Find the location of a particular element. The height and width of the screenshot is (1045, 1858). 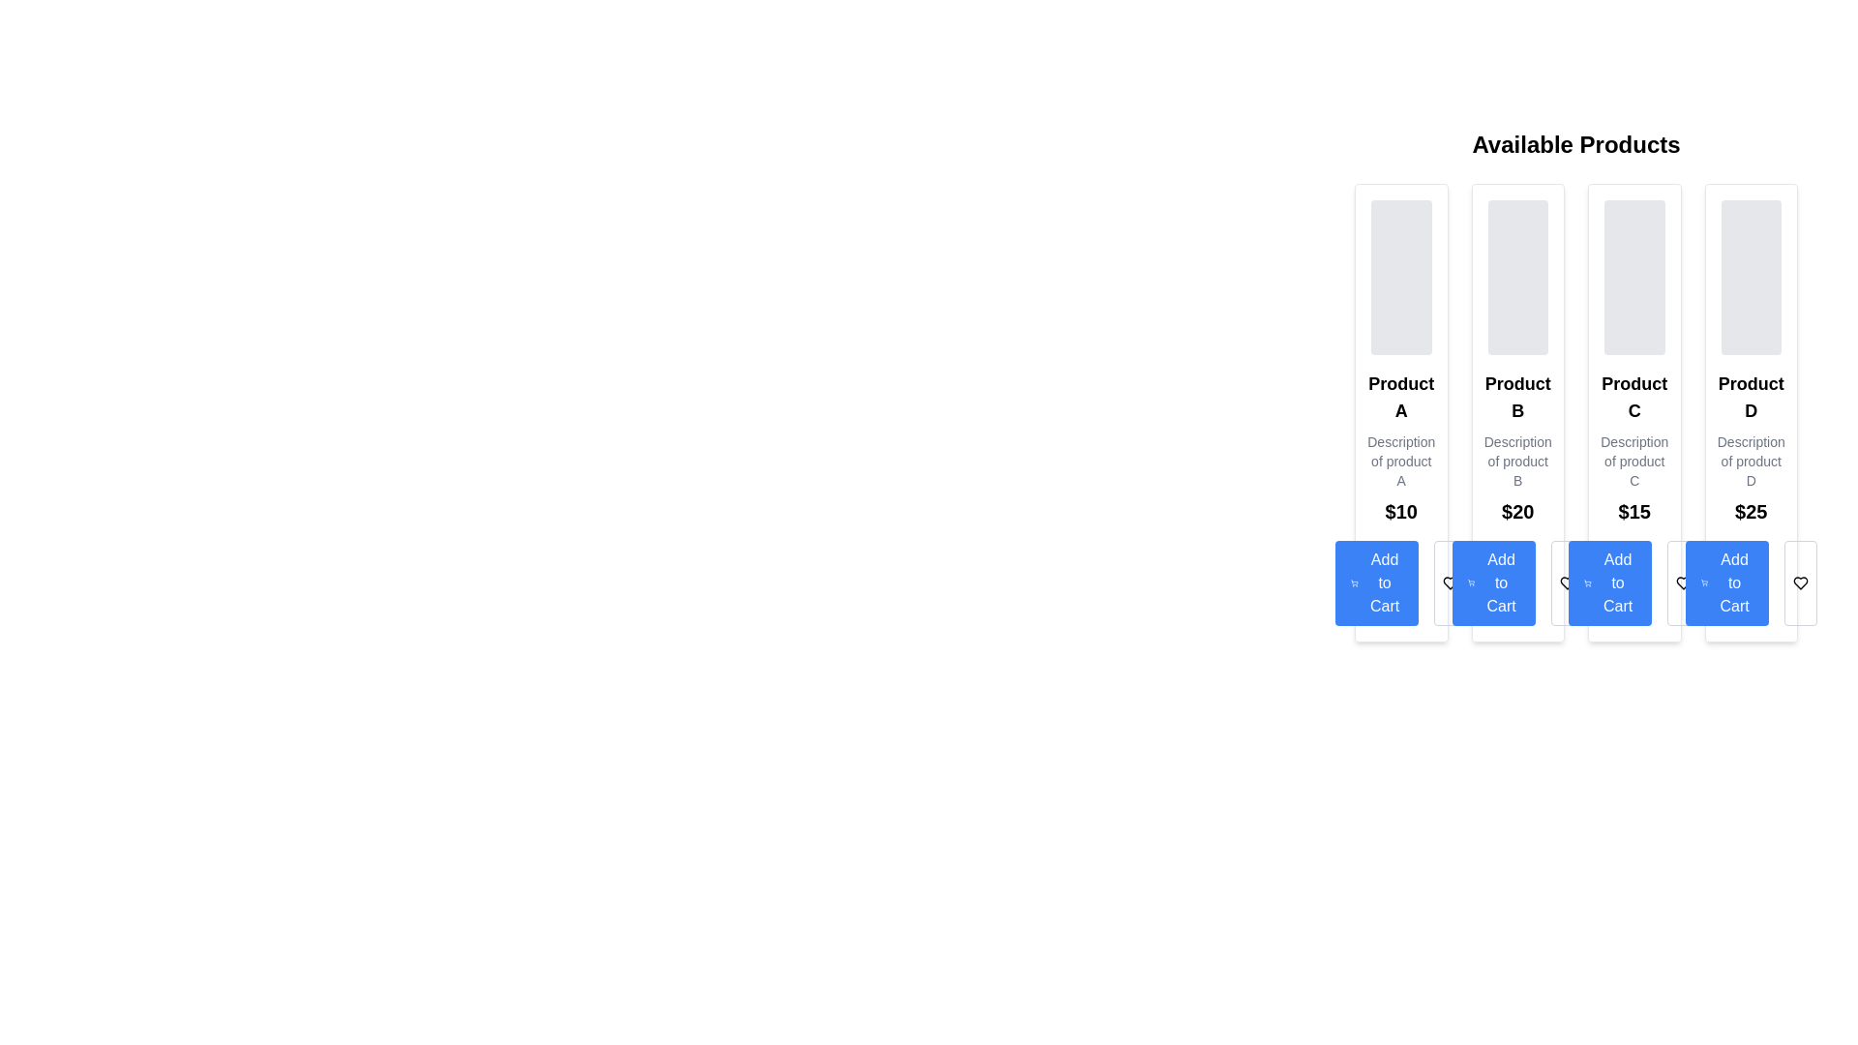

the textual element that contains the description 'Description of product A', which is styled in a smaller gray font and located within the product card layout, positioned below the header 'Product A' and above the price '$10' is located at coordinates (1401, 462).